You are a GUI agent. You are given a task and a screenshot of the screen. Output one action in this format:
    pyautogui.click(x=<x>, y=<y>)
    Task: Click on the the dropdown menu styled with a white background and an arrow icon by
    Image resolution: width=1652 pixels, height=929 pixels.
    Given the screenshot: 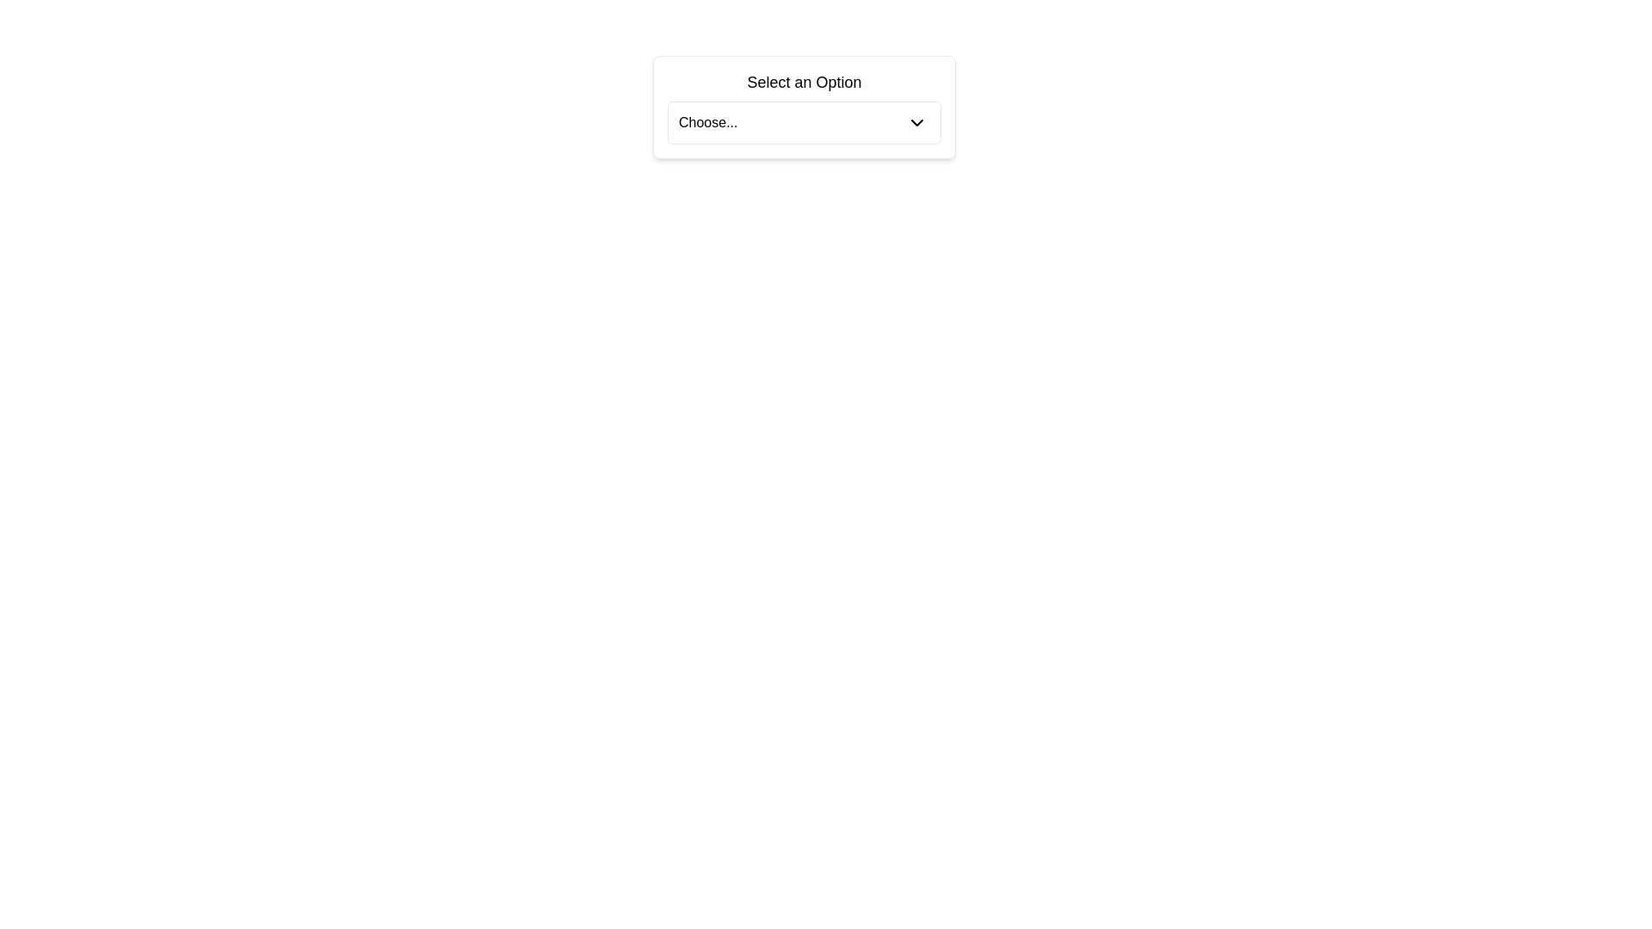 What is the action you would take?
    pyautogui.click(x=804, y=121)
    